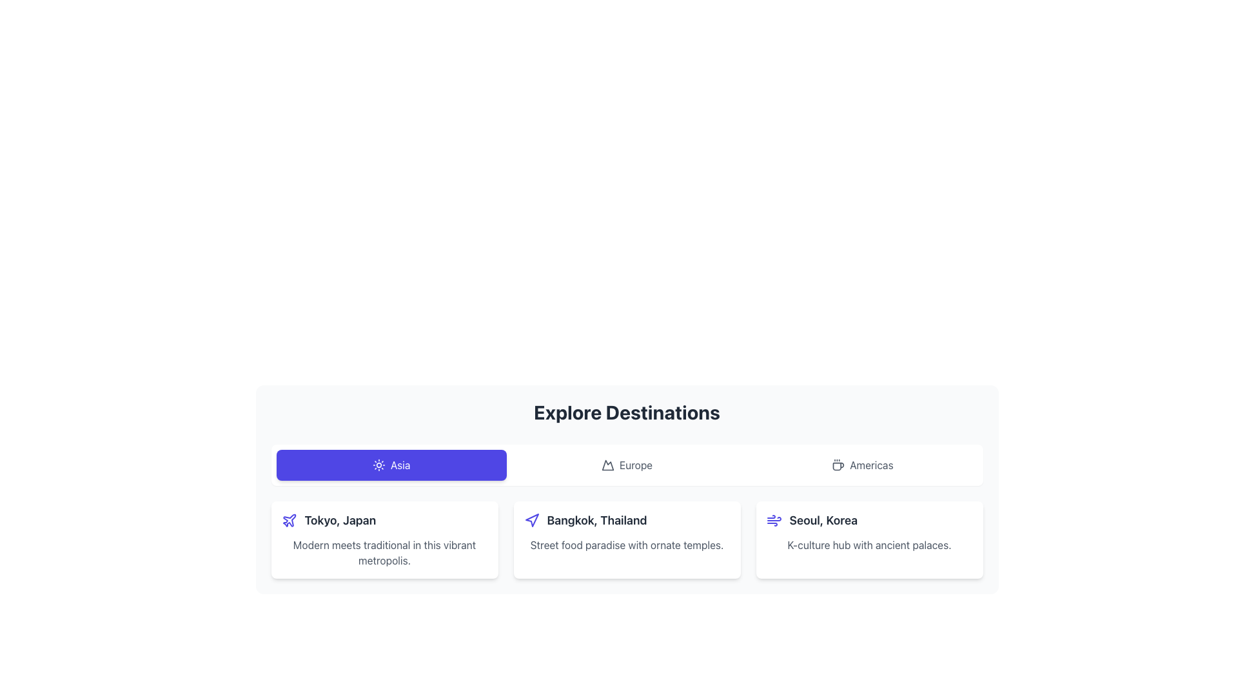  What do you see at coordinates (774, 519) in the screenshot?
I see `the Icon (SVG) that visually complements the 'Seoul, Korea' label, positioned at the leftmost side of the section` at bounding box center [774, 519].